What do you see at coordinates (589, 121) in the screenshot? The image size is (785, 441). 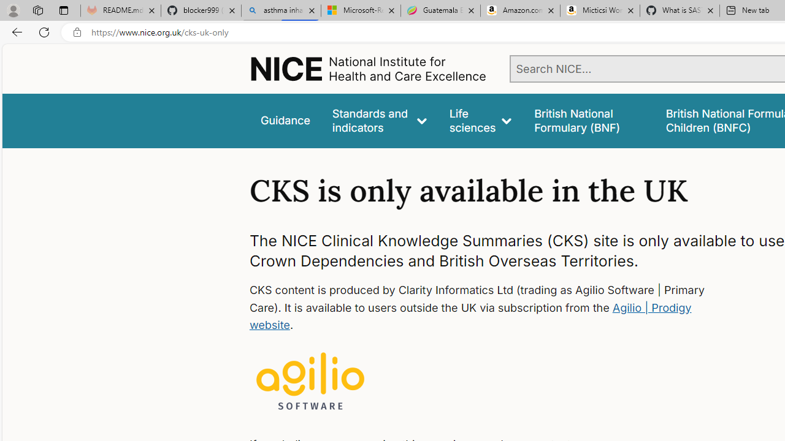 I see `'false'` at bounding box center [589, 121].